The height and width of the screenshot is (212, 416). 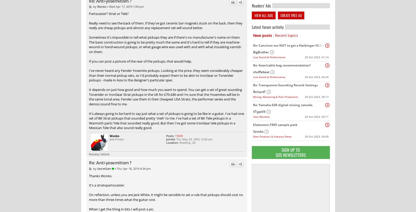 I want to click on 'Readers' Ads', so click(x=261, y=5).